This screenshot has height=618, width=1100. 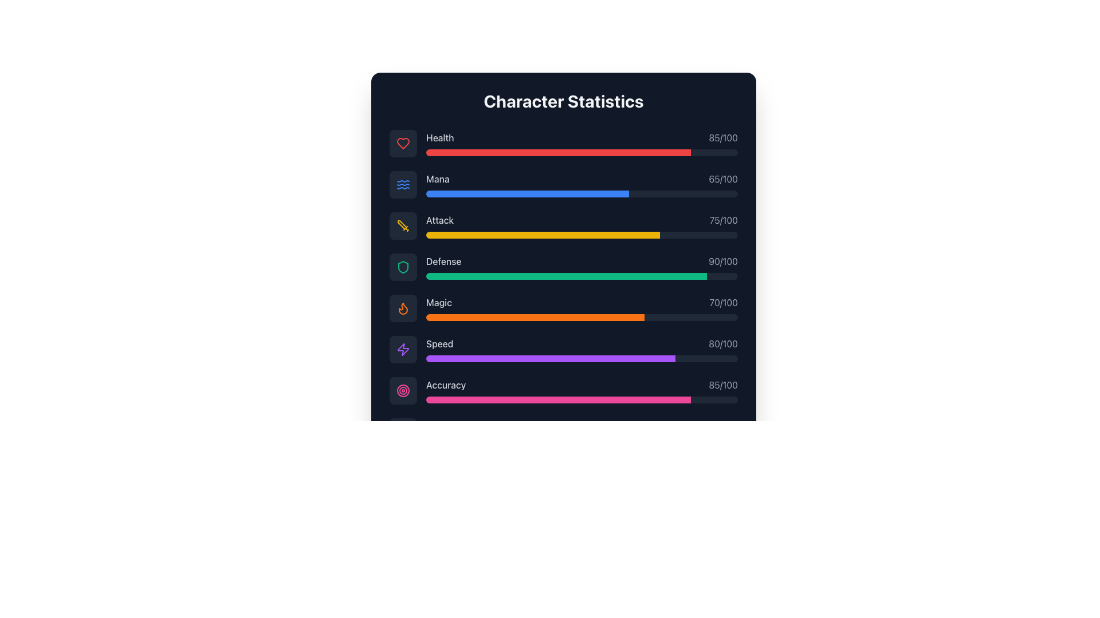 What do you see at coordinates (535, 318) in the screenshot?
I see `the orange progress bar indicating the character statistics within the 'Magic' row under the 'Character Statistics' subtitle` at bounding box center [535, 318].